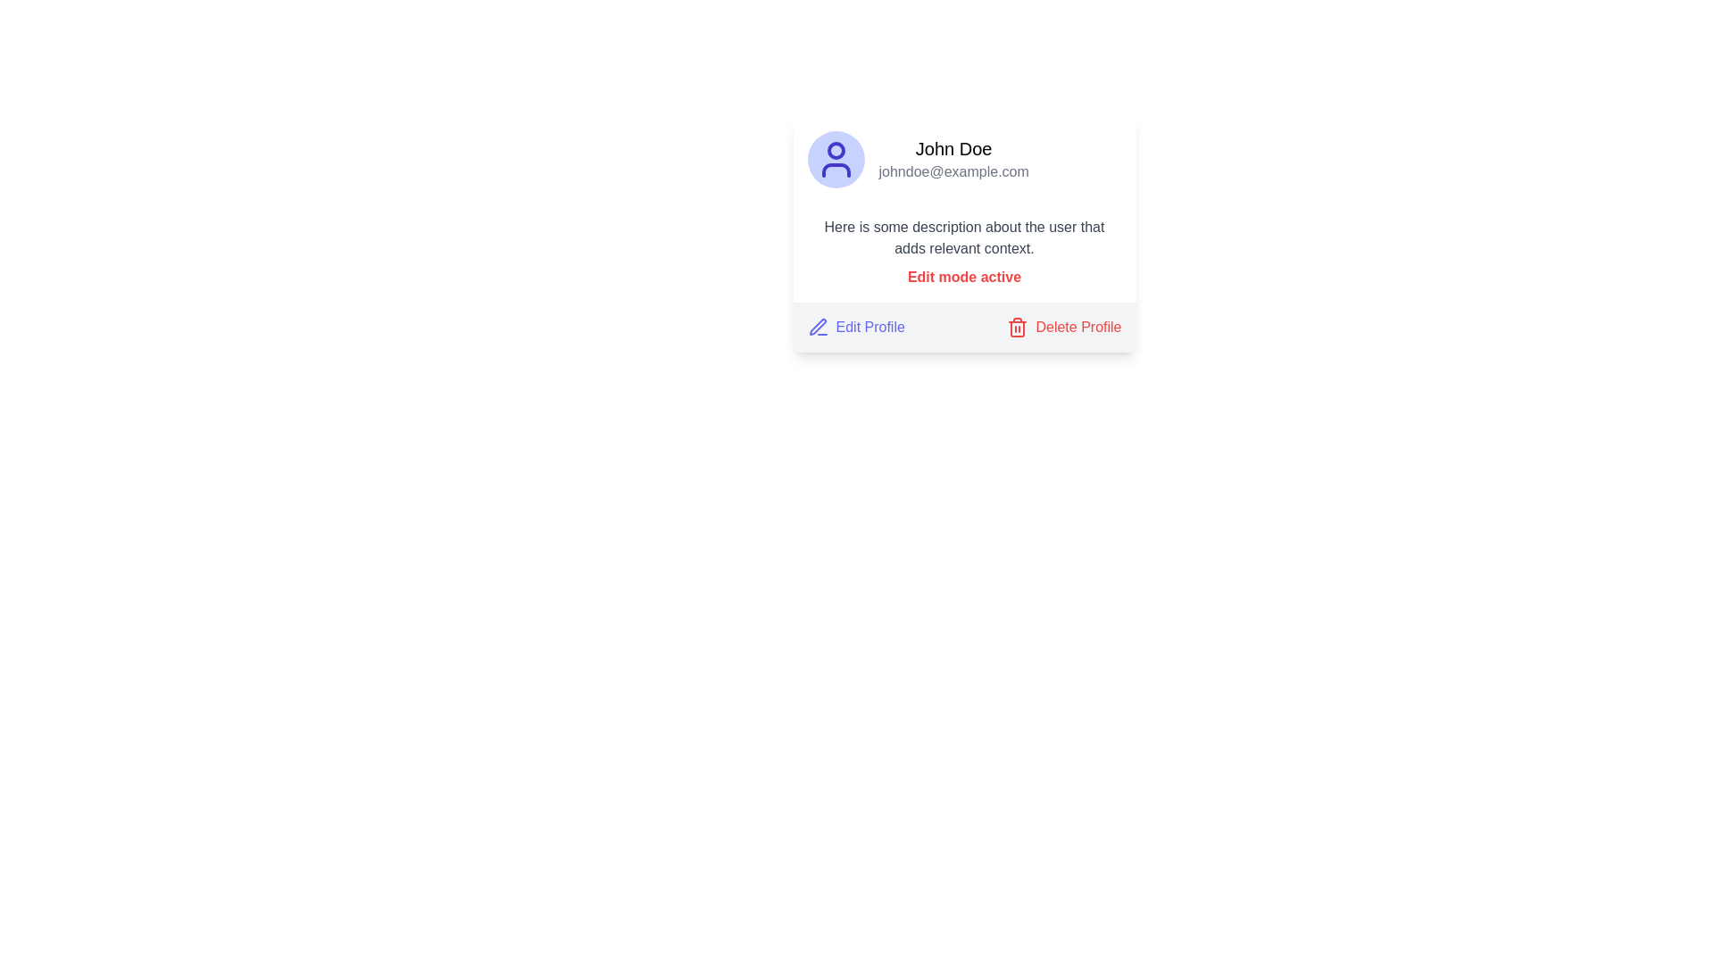  What do you see at coordinates (953, 147) in the screenshot?
I see `the Text Label that displays the user's full name, located at the top right section of the user card, aligned horizontally with the avatar icon` at bounding box center [953, 147].